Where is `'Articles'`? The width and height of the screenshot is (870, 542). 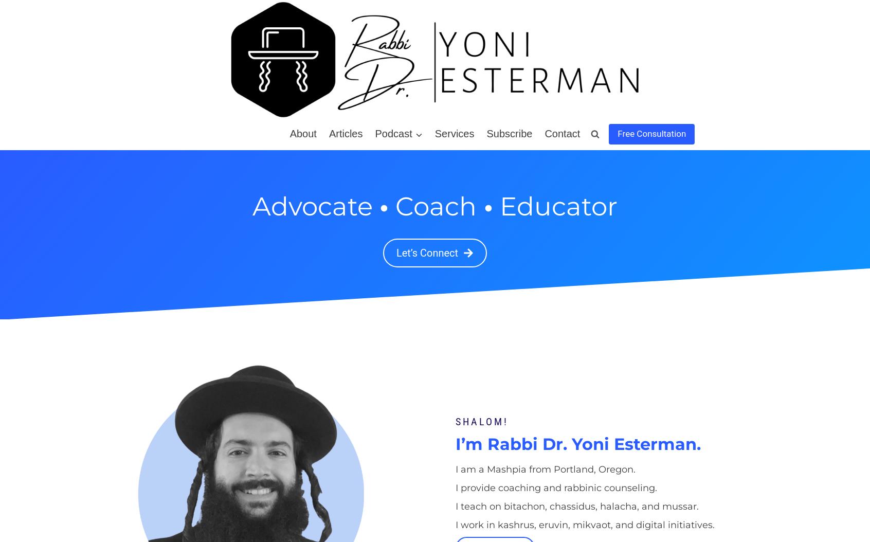 'Articles' is located at coordinates (346, 134).